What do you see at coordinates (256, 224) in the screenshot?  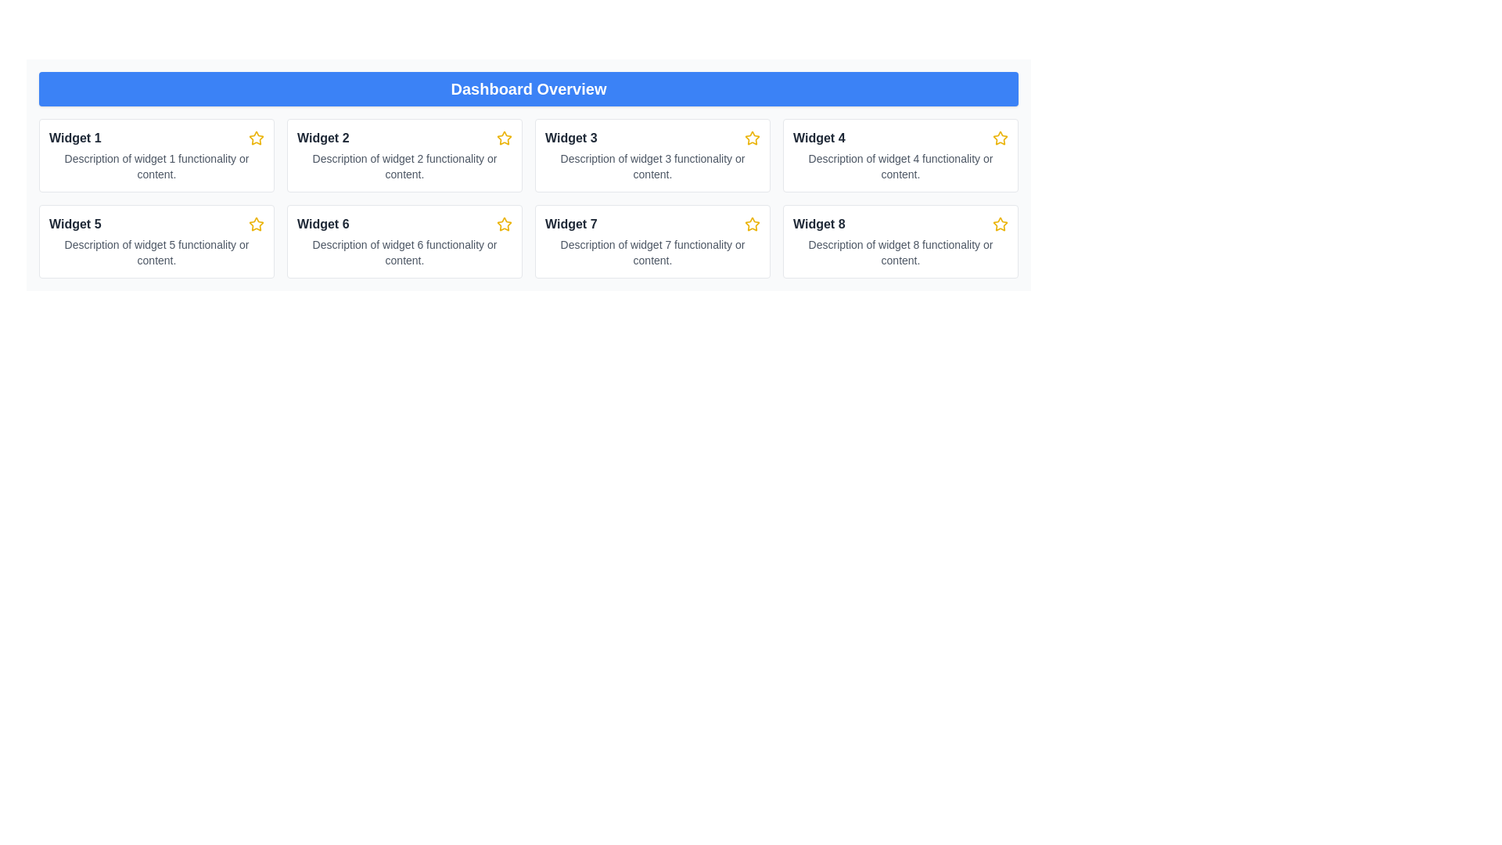 I see `the yellow star-shaped icon adjacent to the text 'Widget 5'` at bounding box center [256, 224].